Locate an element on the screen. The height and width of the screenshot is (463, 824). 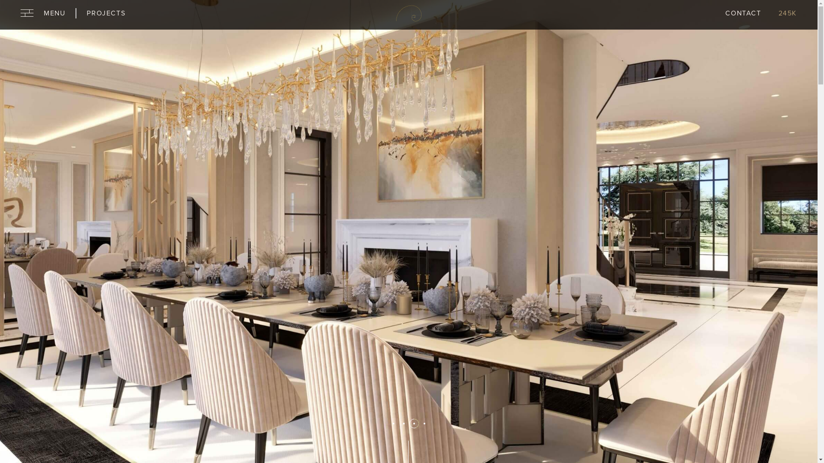
'CONTACT' is located at coordinates (724, 15).